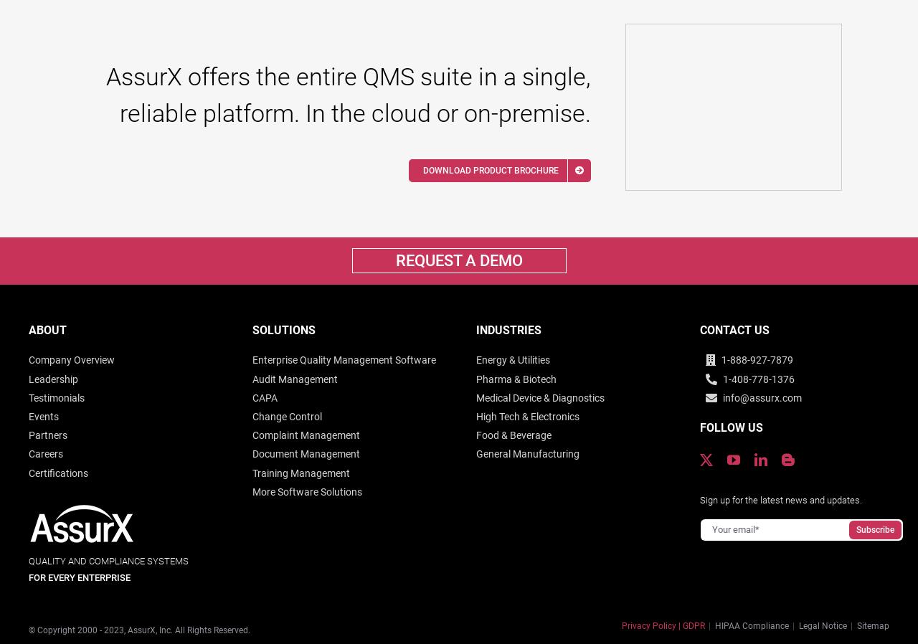 This screenshot has height=644, width=918. I want to click on 'Careers', so click(44, 453).